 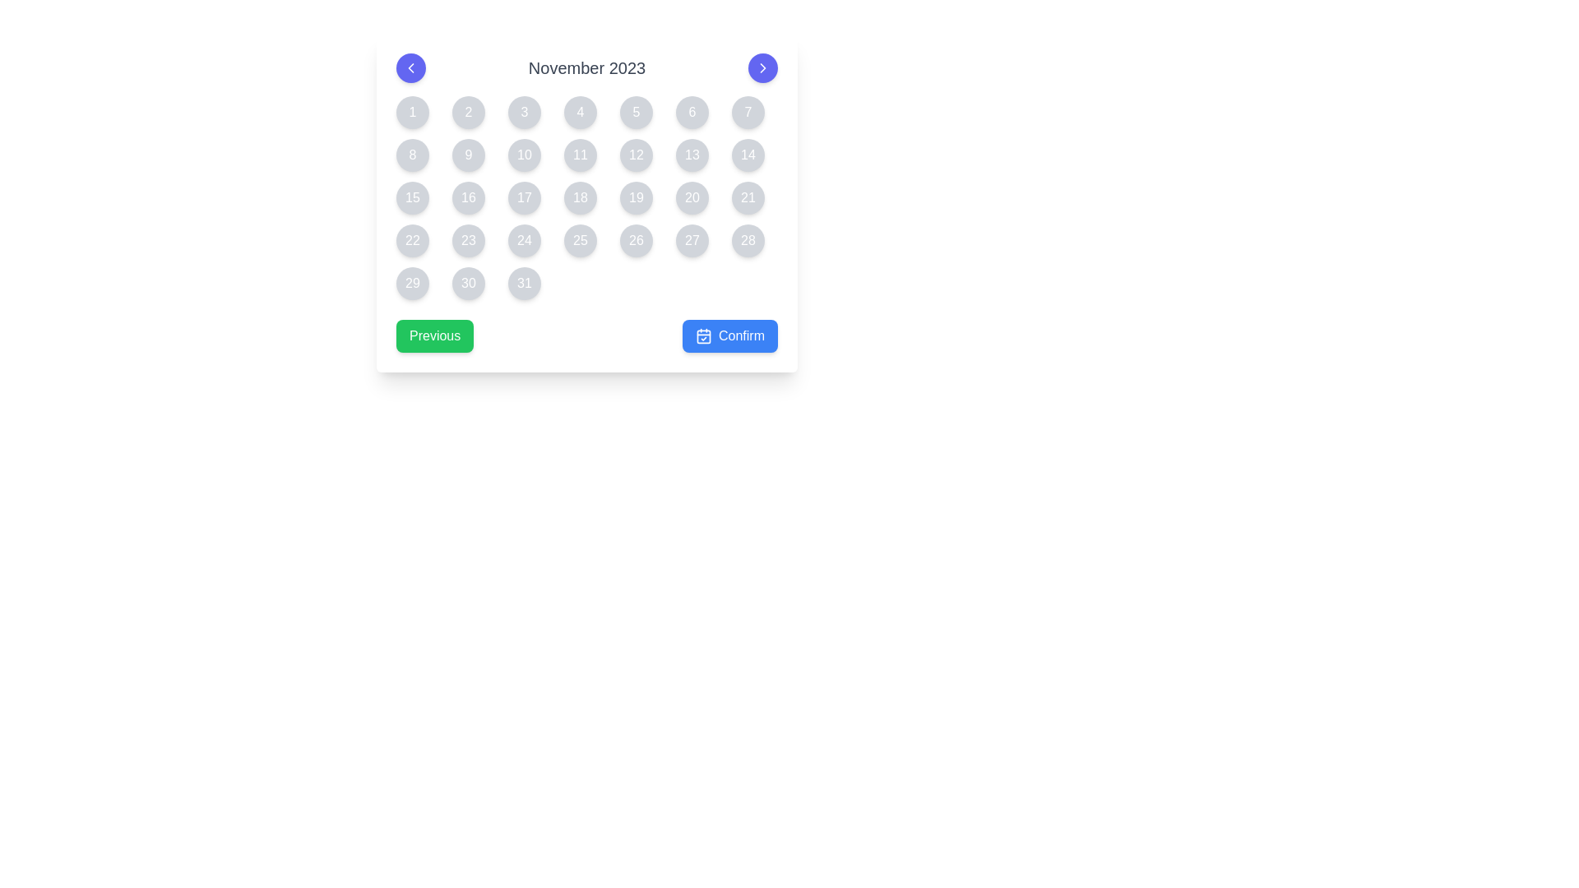 I want to click on the button representing the 14th day, so click(x=748, y=155).